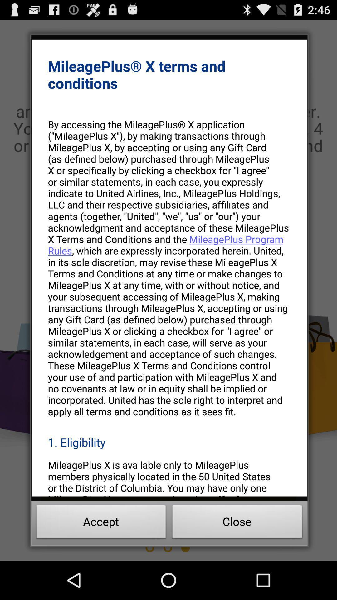 This screenshot has height=600, width=337. Describe the element at coordinates (101, 523) in the screenshot. I see `item to the left of close` at that location.